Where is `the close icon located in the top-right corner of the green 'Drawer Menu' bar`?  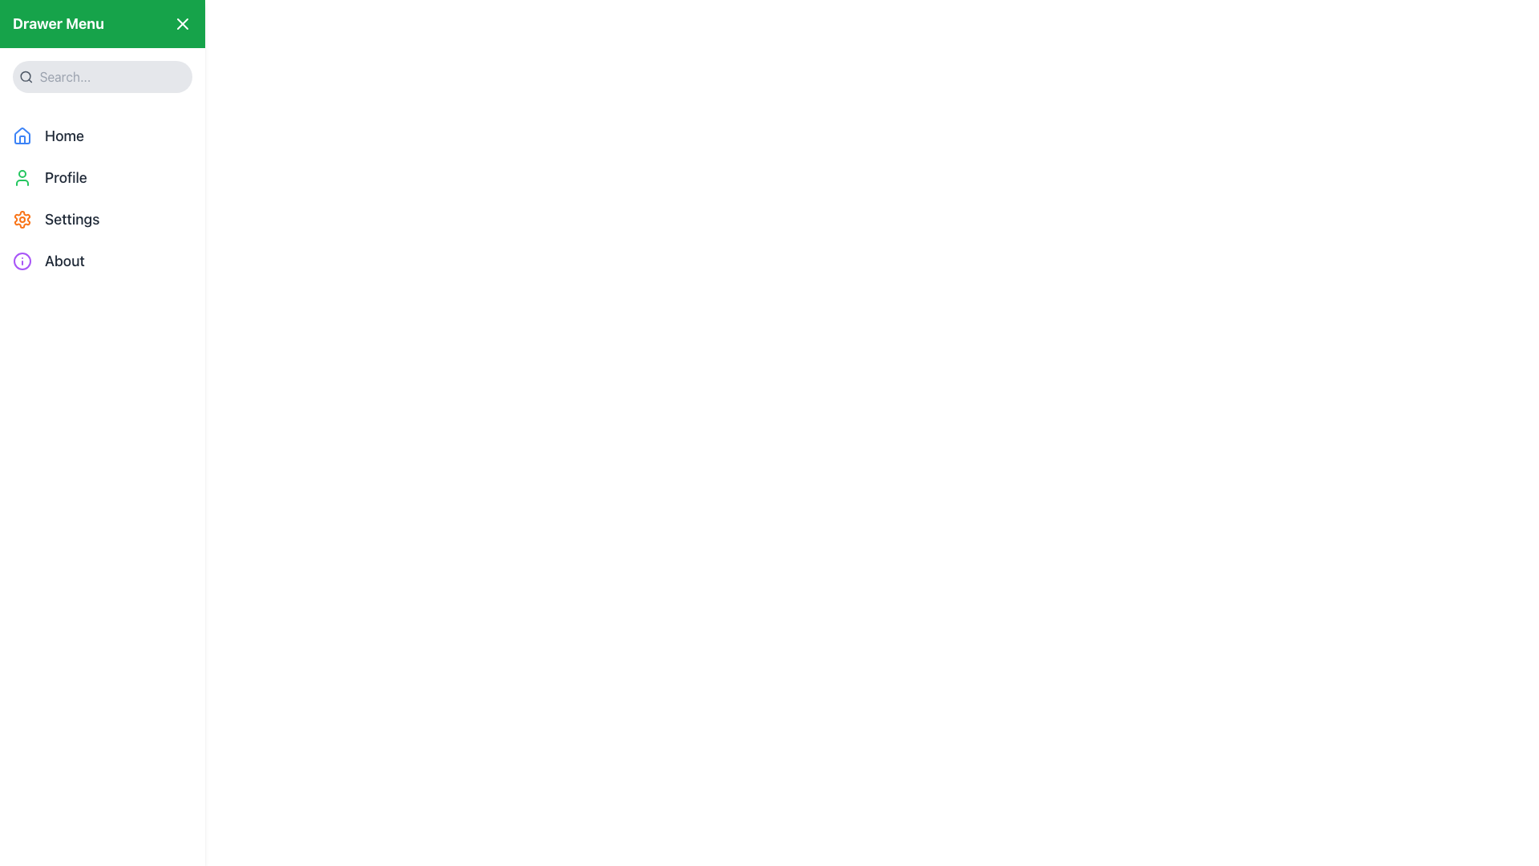
the close icon located in the top-right corner of the green 'Drawer Menu' bar is located at coordinates (182, 24).